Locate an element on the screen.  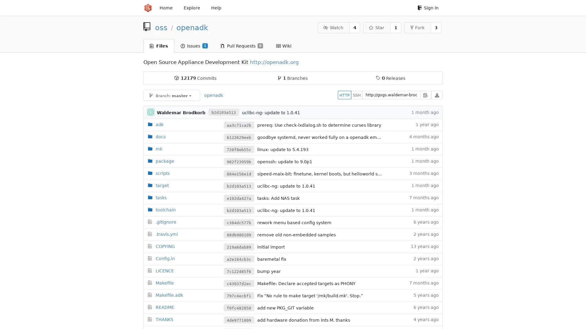
HTTP is located at coordinates (344, 95).